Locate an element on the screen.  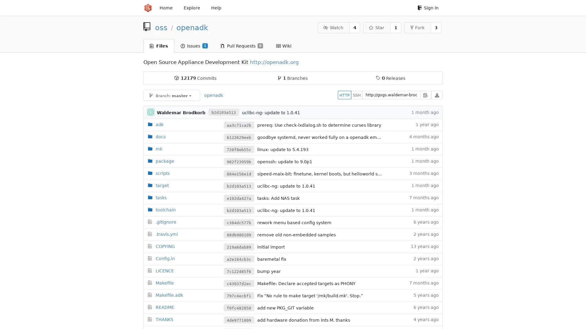
HTTP is located at coordinates (344, 95).